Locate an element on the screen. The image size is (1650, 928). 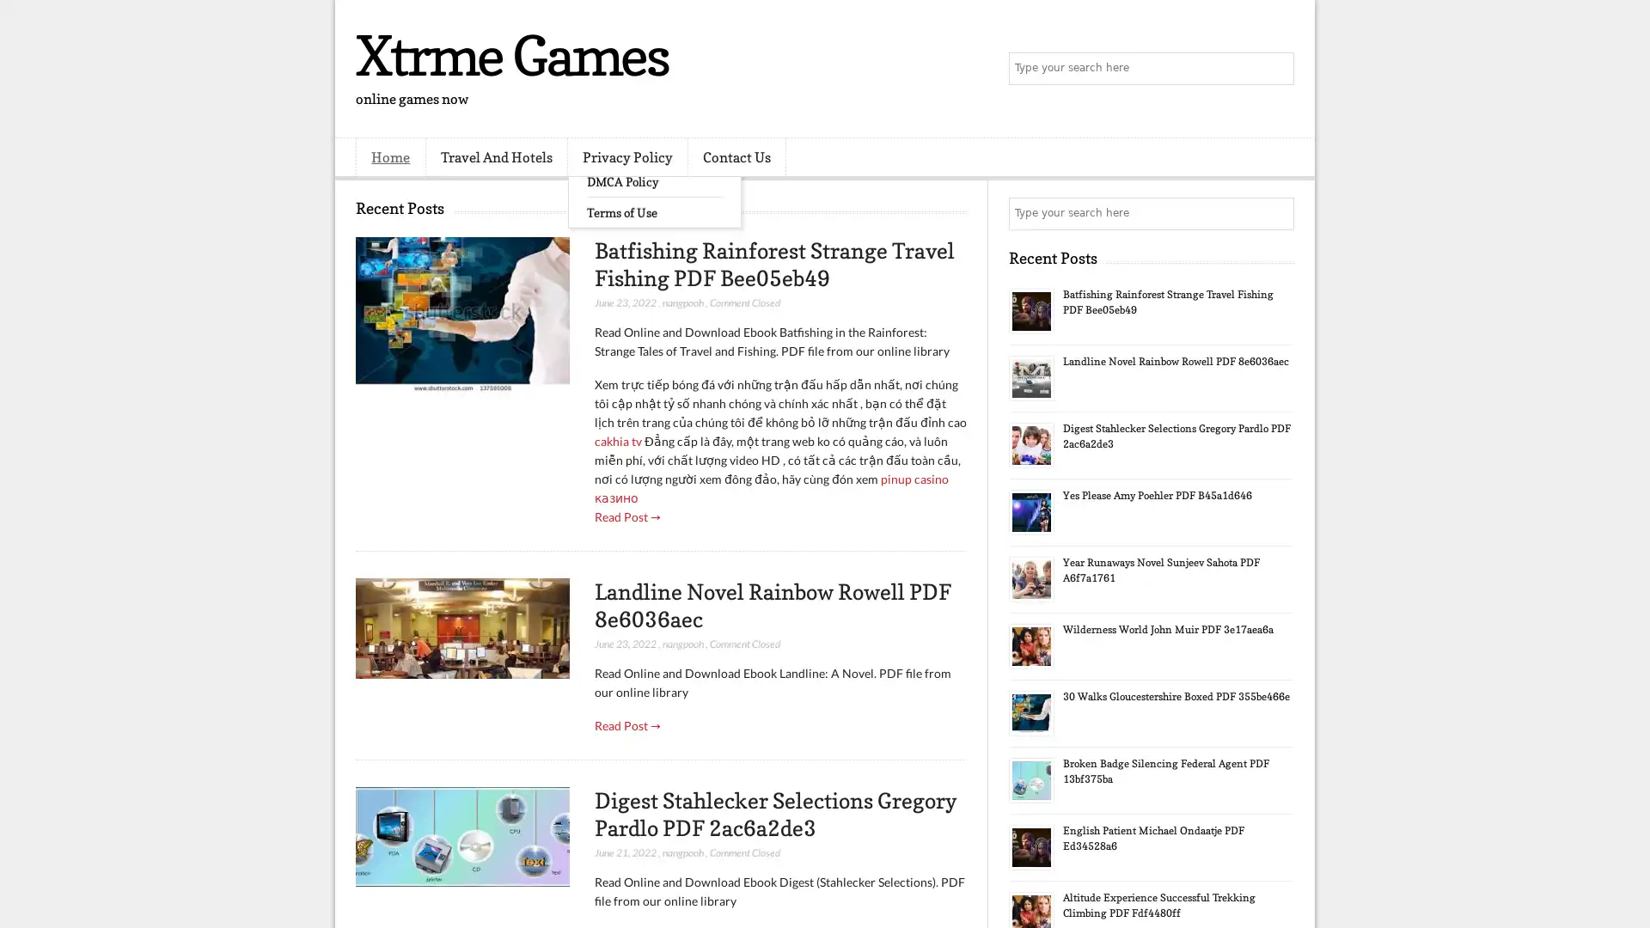
Search is located at coordinates (1276, 213).